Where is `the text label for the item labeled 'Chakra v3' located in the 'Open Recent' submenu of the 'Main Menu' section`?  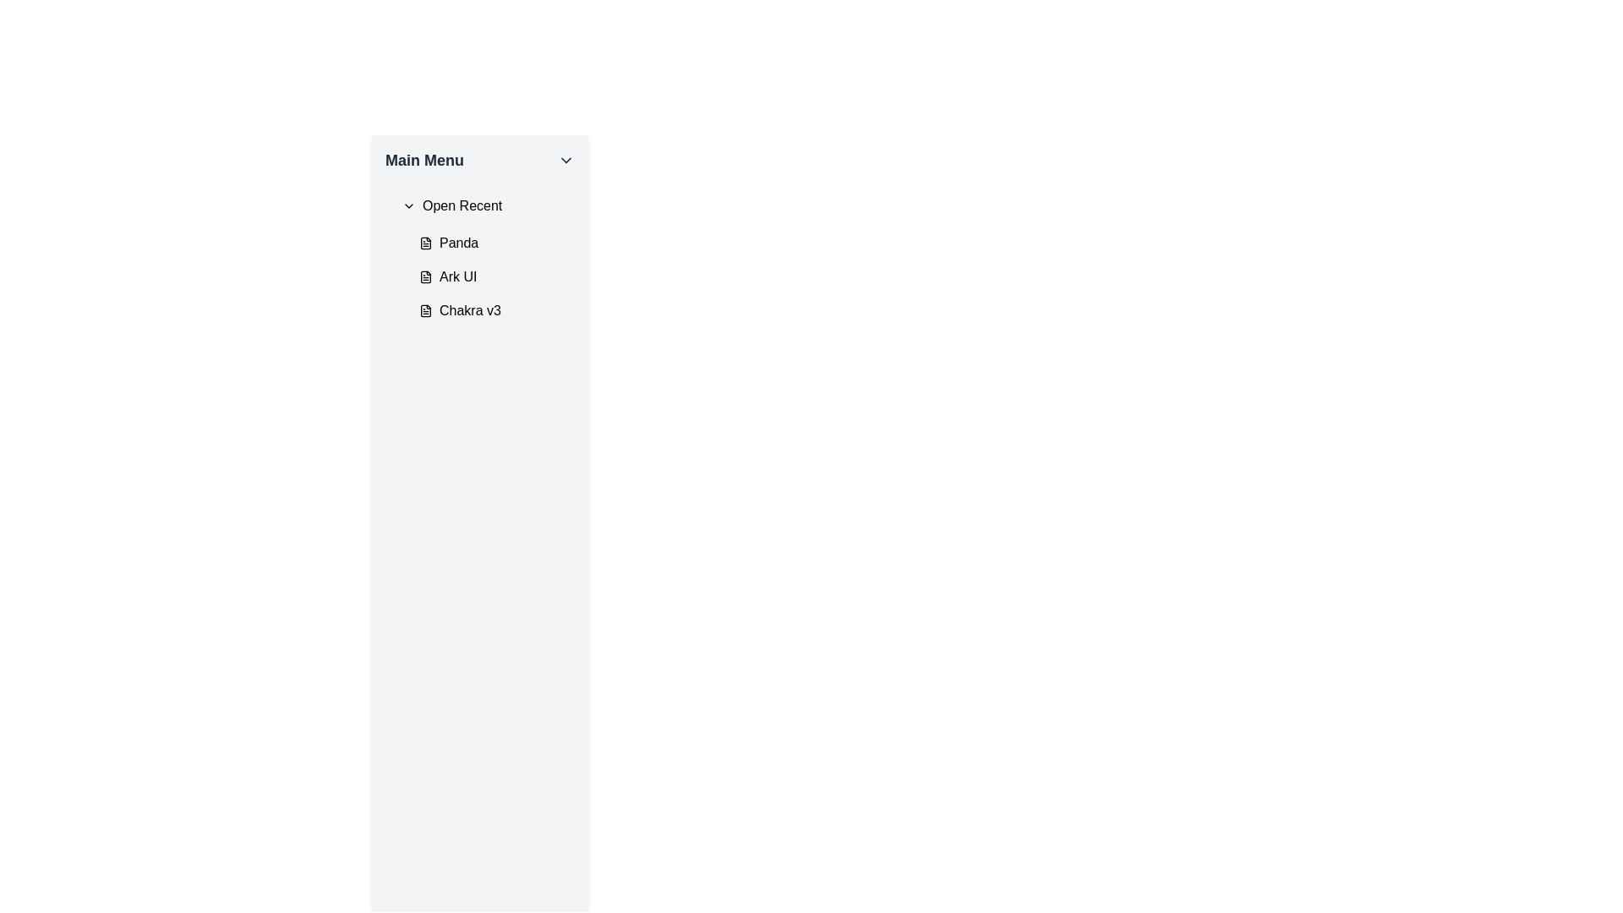
the text label for the item labeled 'Chakra v3' located in the 'Open Recent' submenu of the 'Main Menu' section is located at coordinates (470, 310).